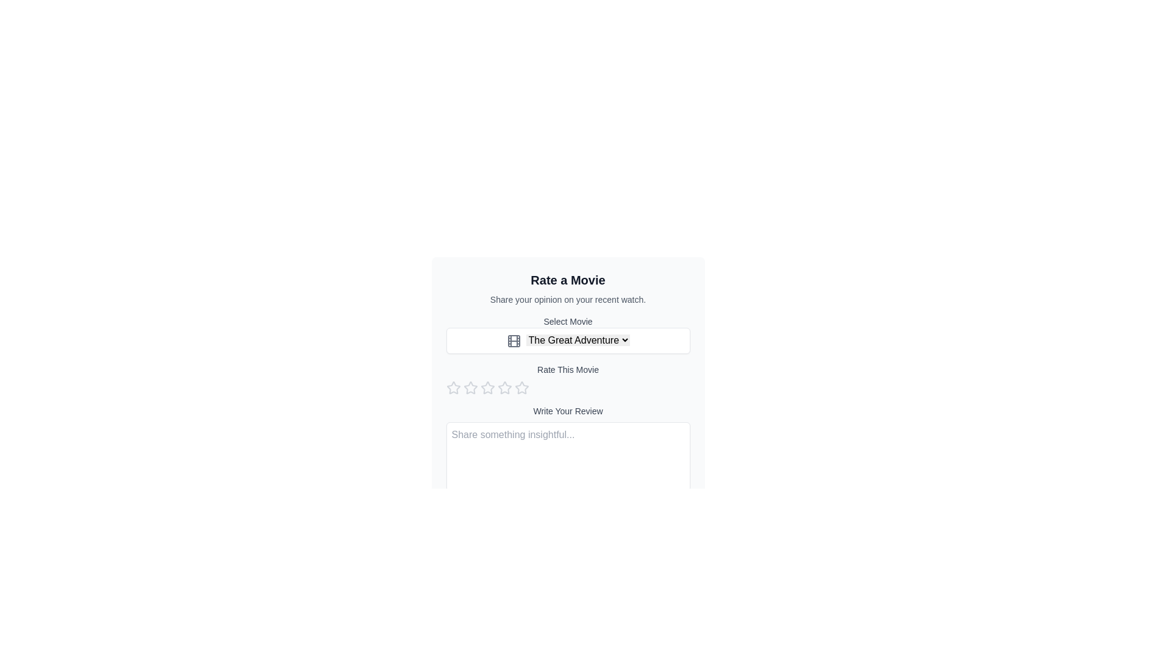 The height and width of the screenshot is (658, 1171). I want to click on the third star in the clickable star rating component, so click(487, 387).